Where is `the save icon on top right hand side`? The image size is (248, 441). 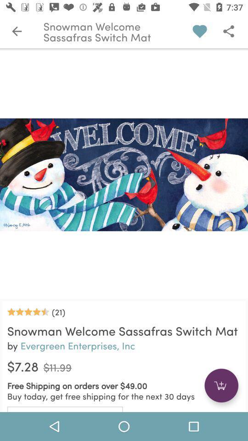 the save icon on top right hand side is located at coordinates (228, 31).